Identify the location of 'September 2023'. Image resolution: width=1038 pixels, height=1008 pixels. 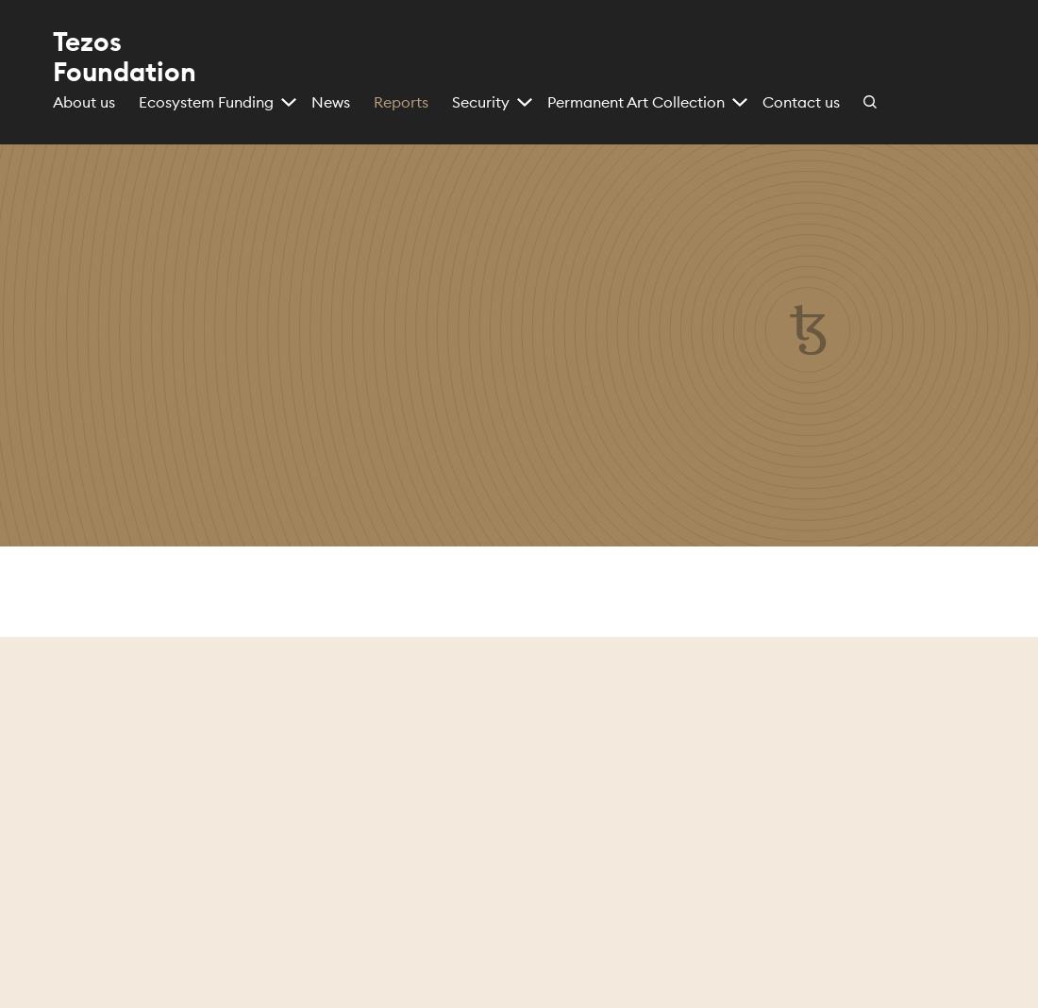
(811, 753).